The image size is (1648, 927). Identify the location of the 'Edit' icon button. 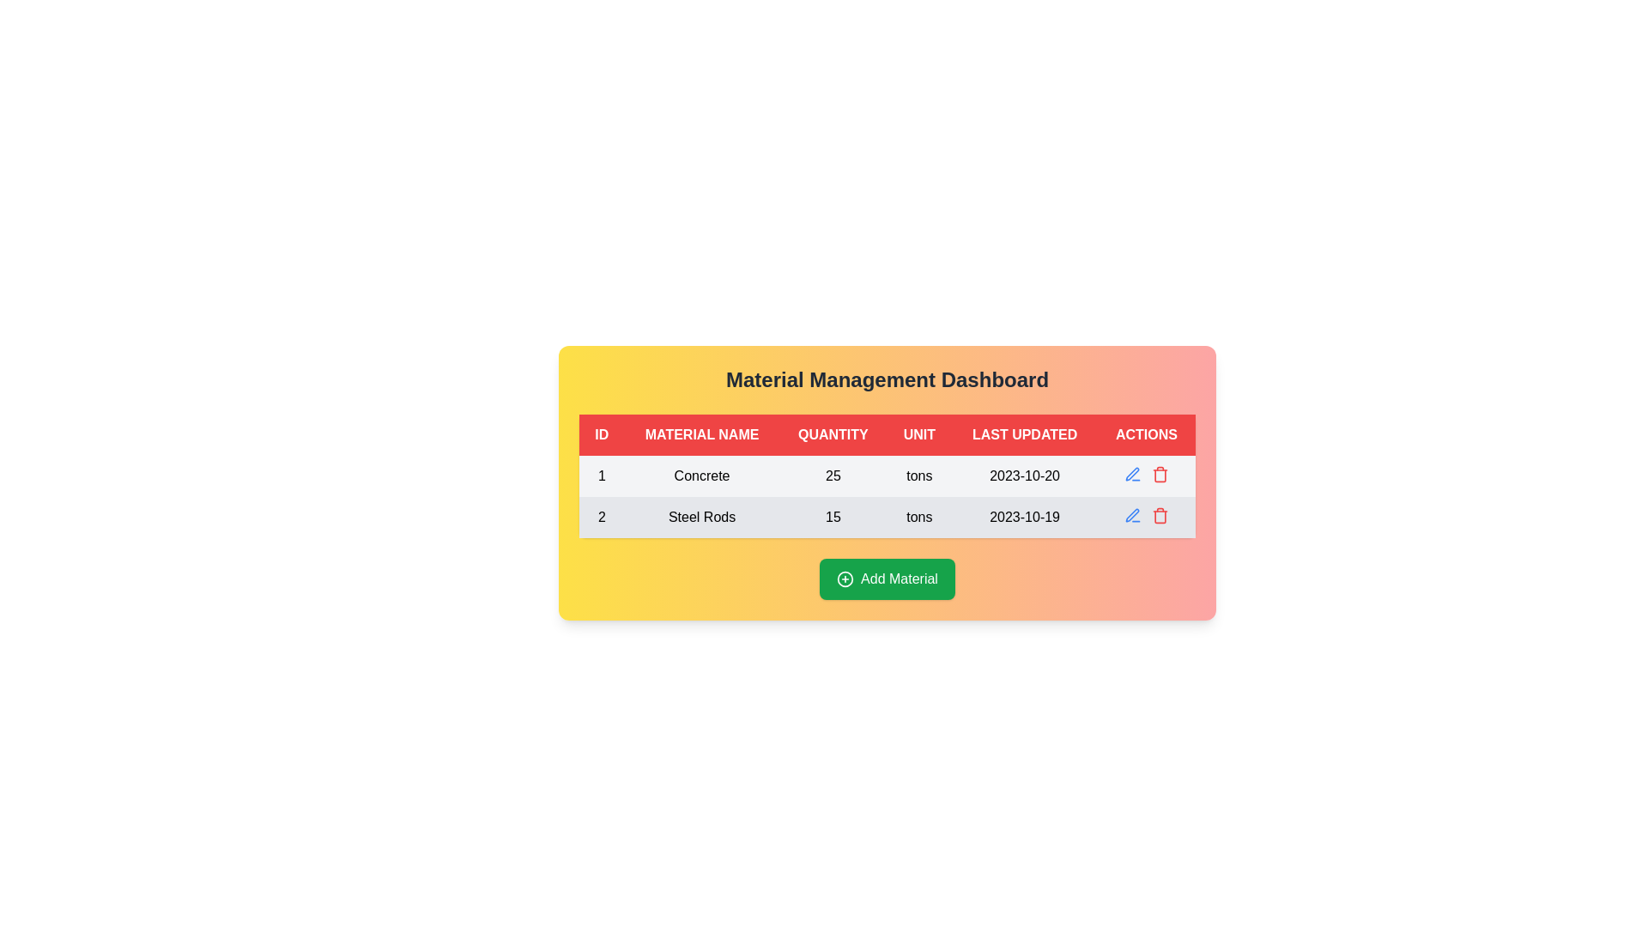
(1132, 474).